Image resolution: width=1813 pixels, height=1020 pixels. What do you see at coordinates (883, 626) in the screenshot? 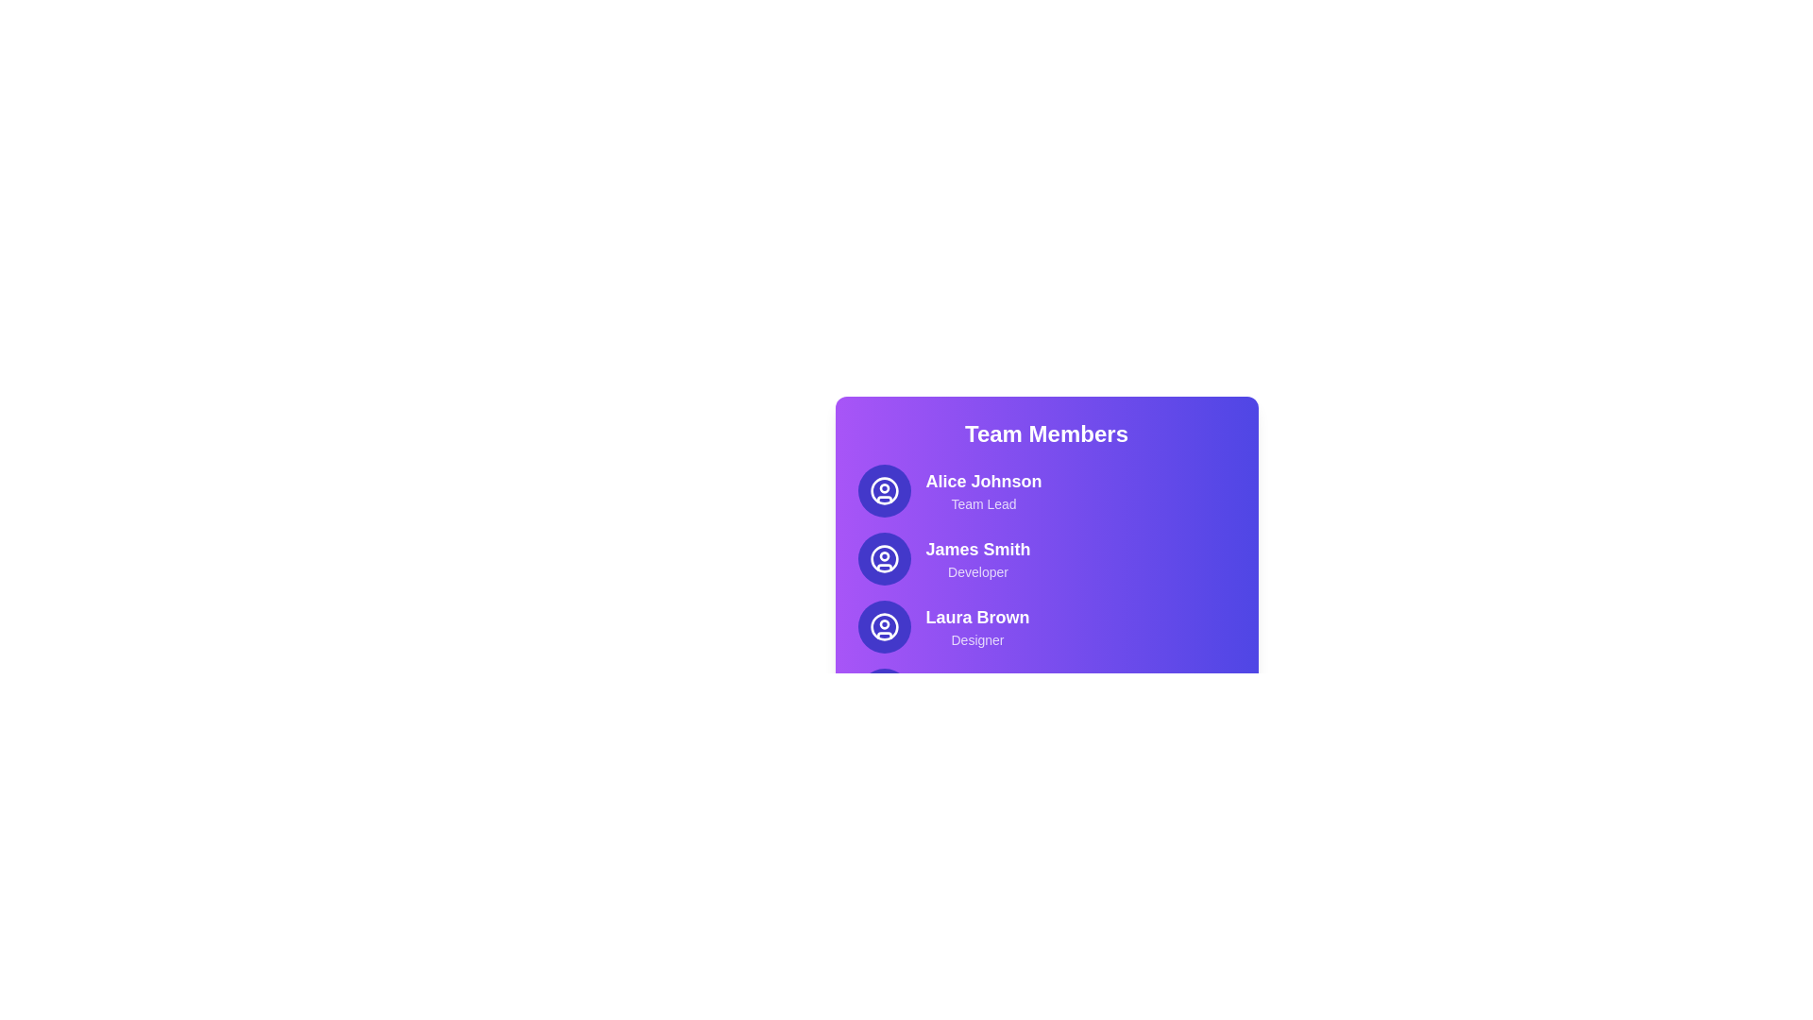
I see `the third avatar icon in the vertical list of team members displayed in a side panel` at bounding box center [883, 626].